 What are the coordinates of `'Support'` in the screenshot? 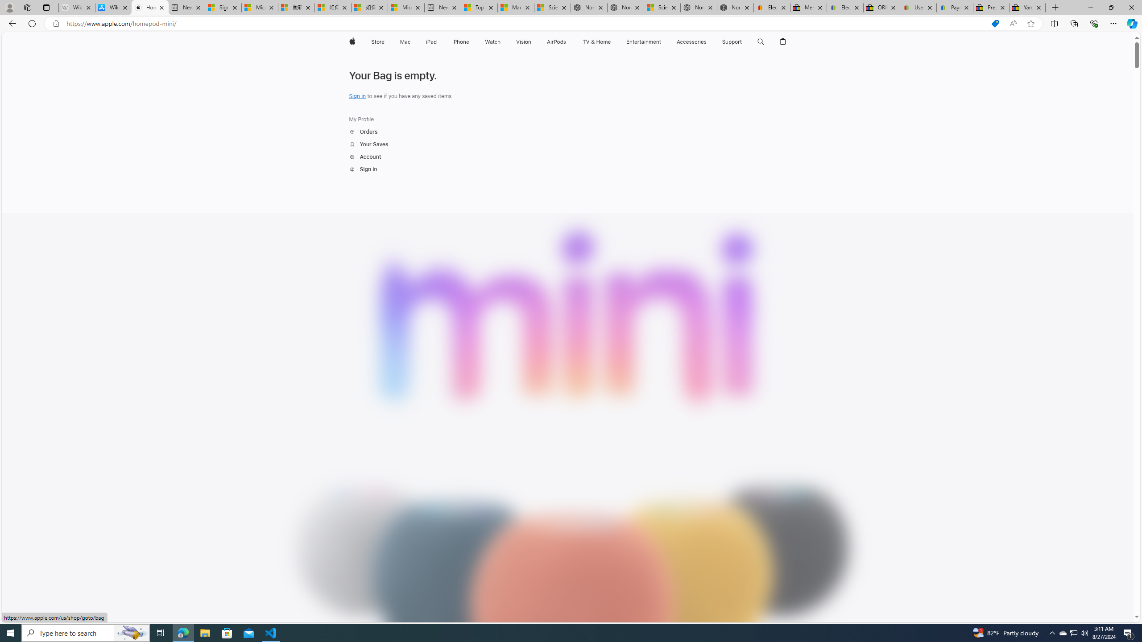 It's located at (731, 41).